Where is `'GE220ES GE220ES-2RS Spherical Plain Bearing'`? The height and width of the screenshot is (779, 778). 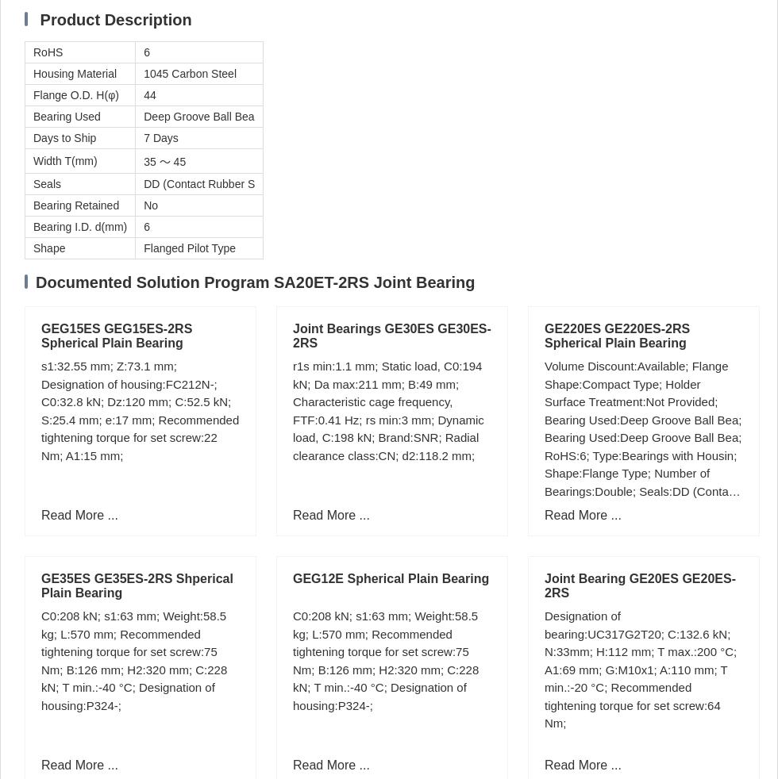 'GE220ES GE220ES-2RS Spherical Plain Bearing' is located at coordinates (617, 336).